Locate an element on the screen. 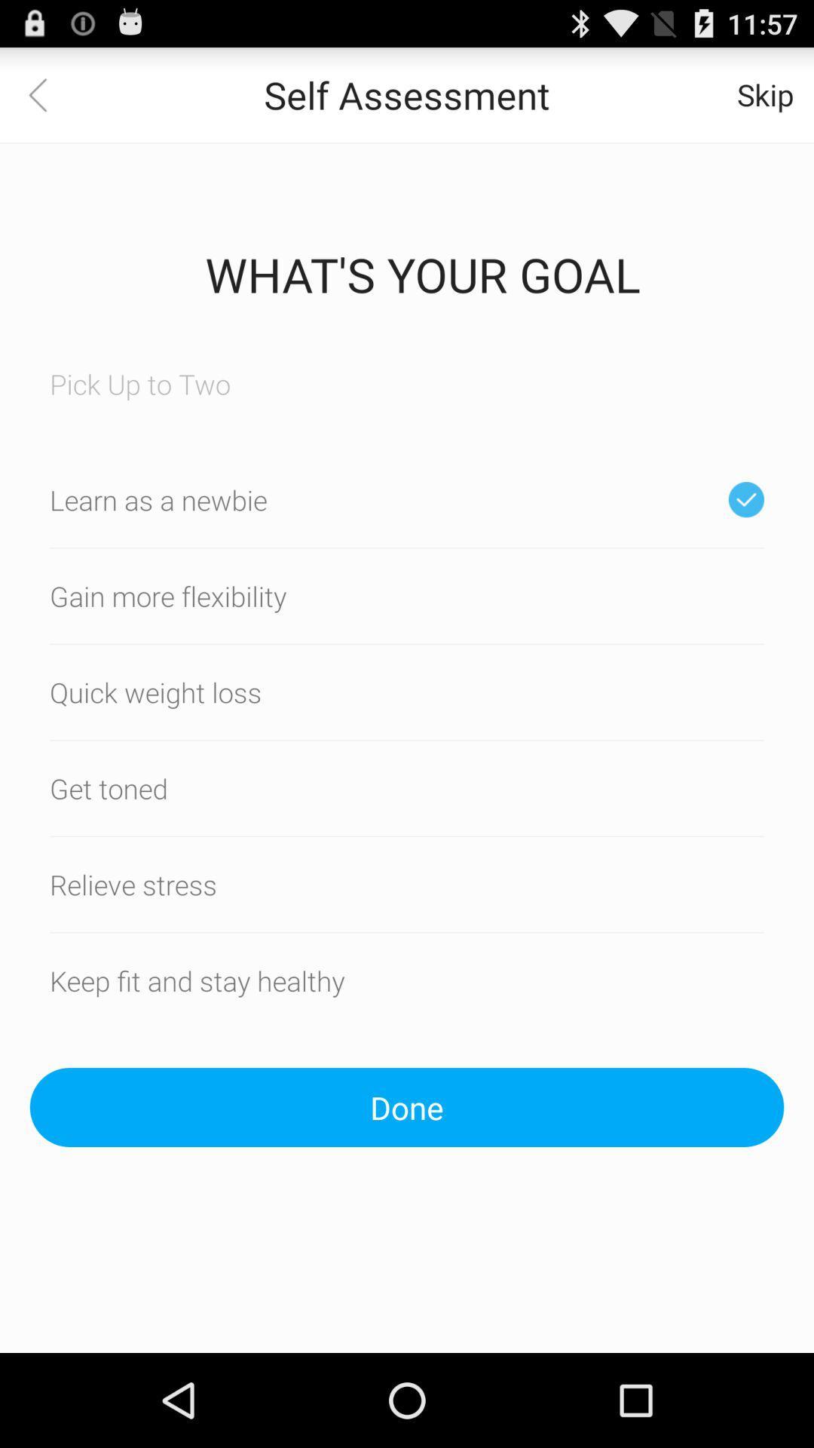 The width and height of the screenshot is (814, 1448). go back is located at coordinates (46, 94).